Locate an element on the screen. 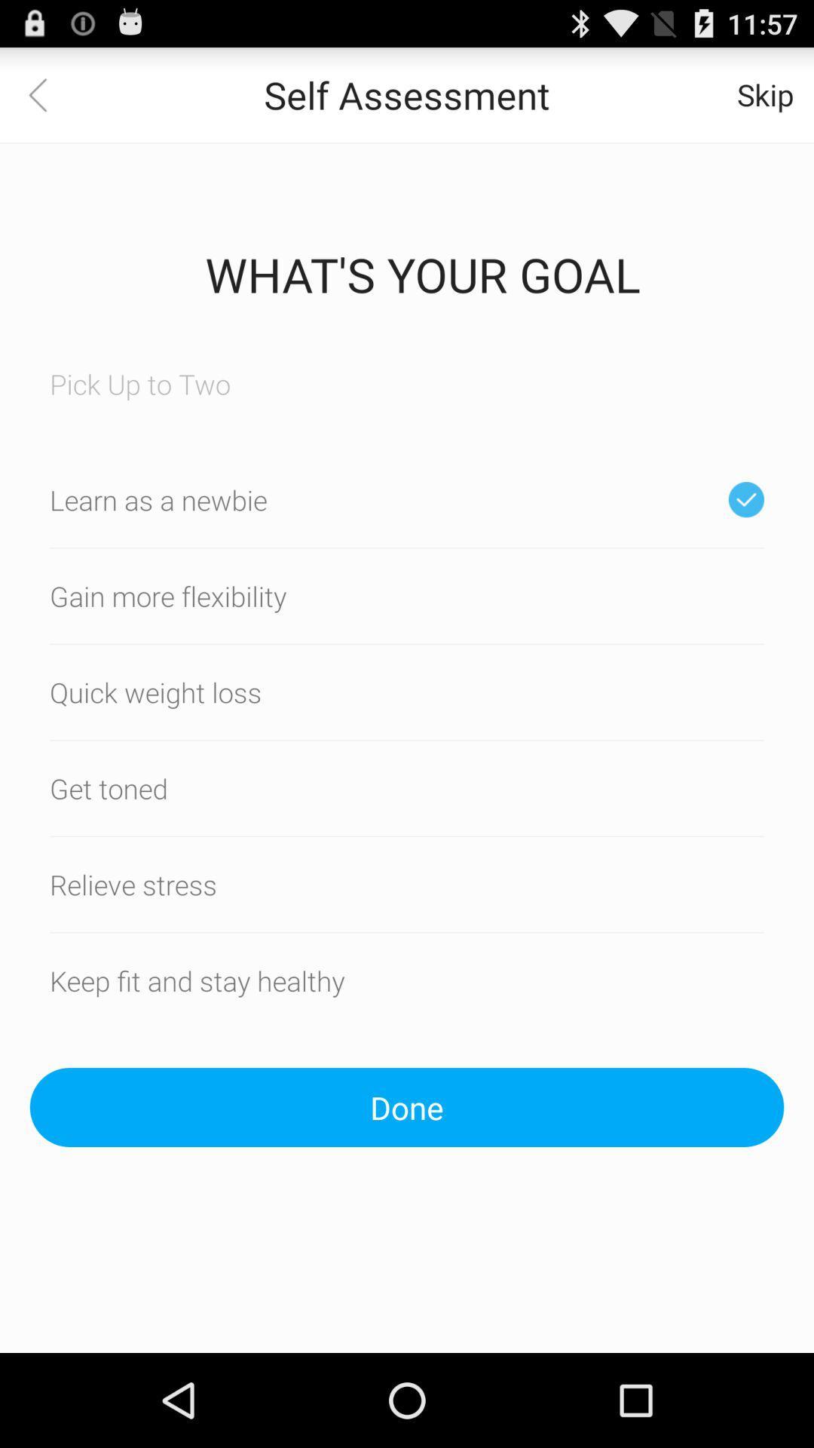 The width and height of the screenshot is (814, 1448). go back is located at coordinates (46, 94).